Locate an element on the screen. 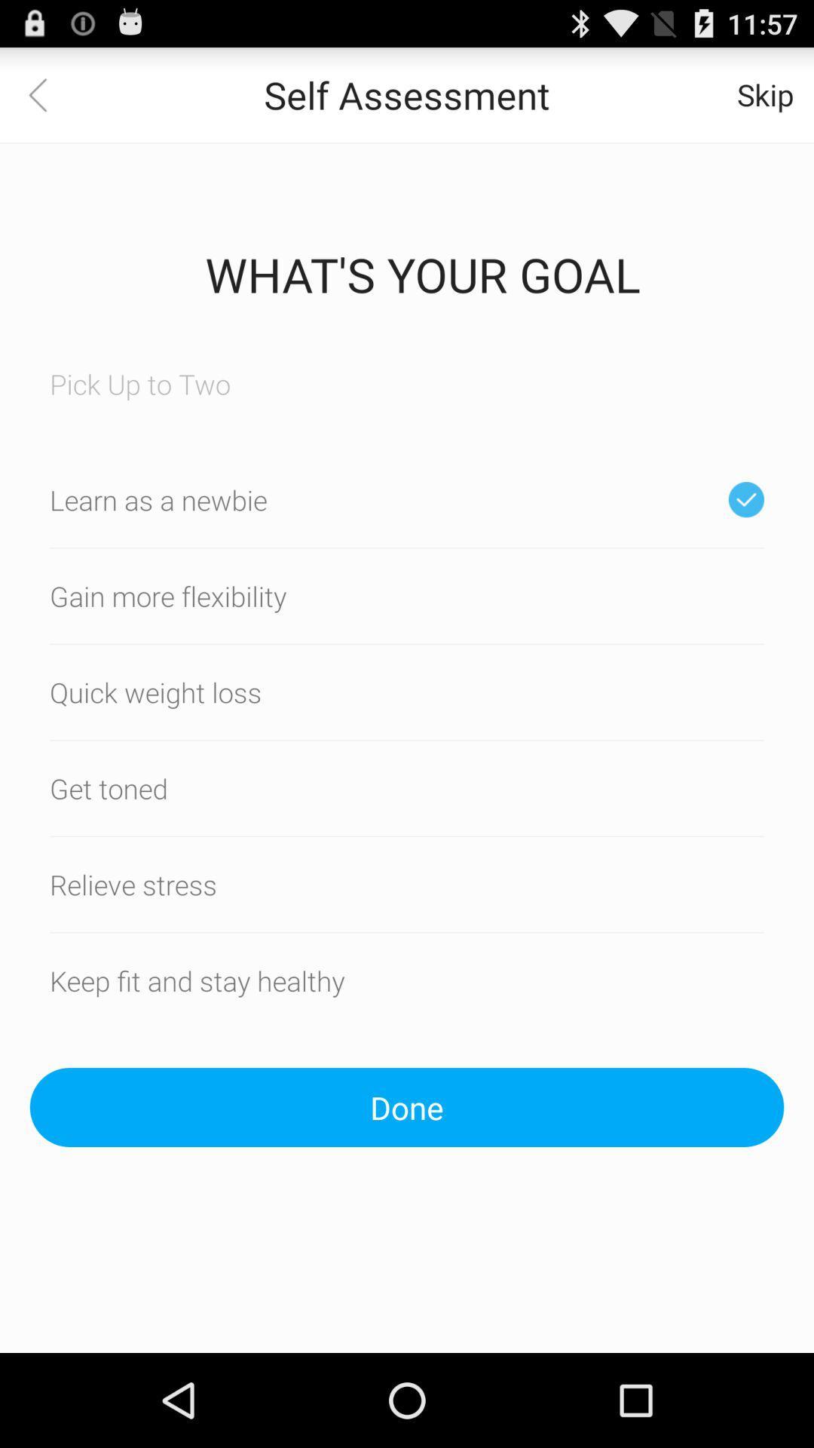 The width and height of the screenshot is (814, 1448). go back is located at coordinates (46, 94).